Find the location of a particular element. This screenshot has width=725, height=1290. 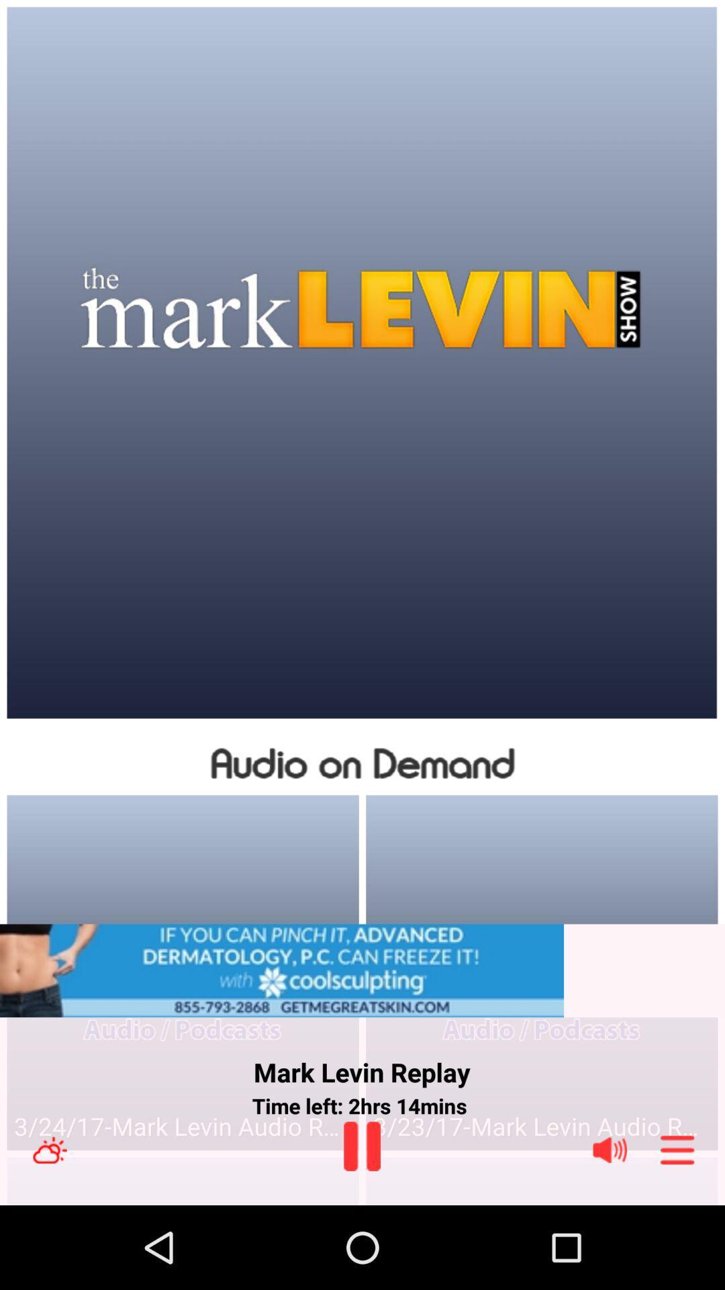

the first icon from right is located at coordinates (677, 1150).